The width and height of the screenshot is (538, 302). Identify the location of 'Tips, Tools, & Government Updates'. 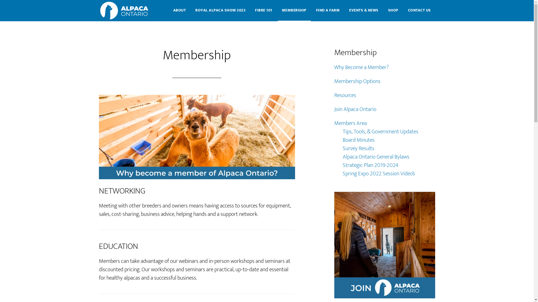
(380, 131).